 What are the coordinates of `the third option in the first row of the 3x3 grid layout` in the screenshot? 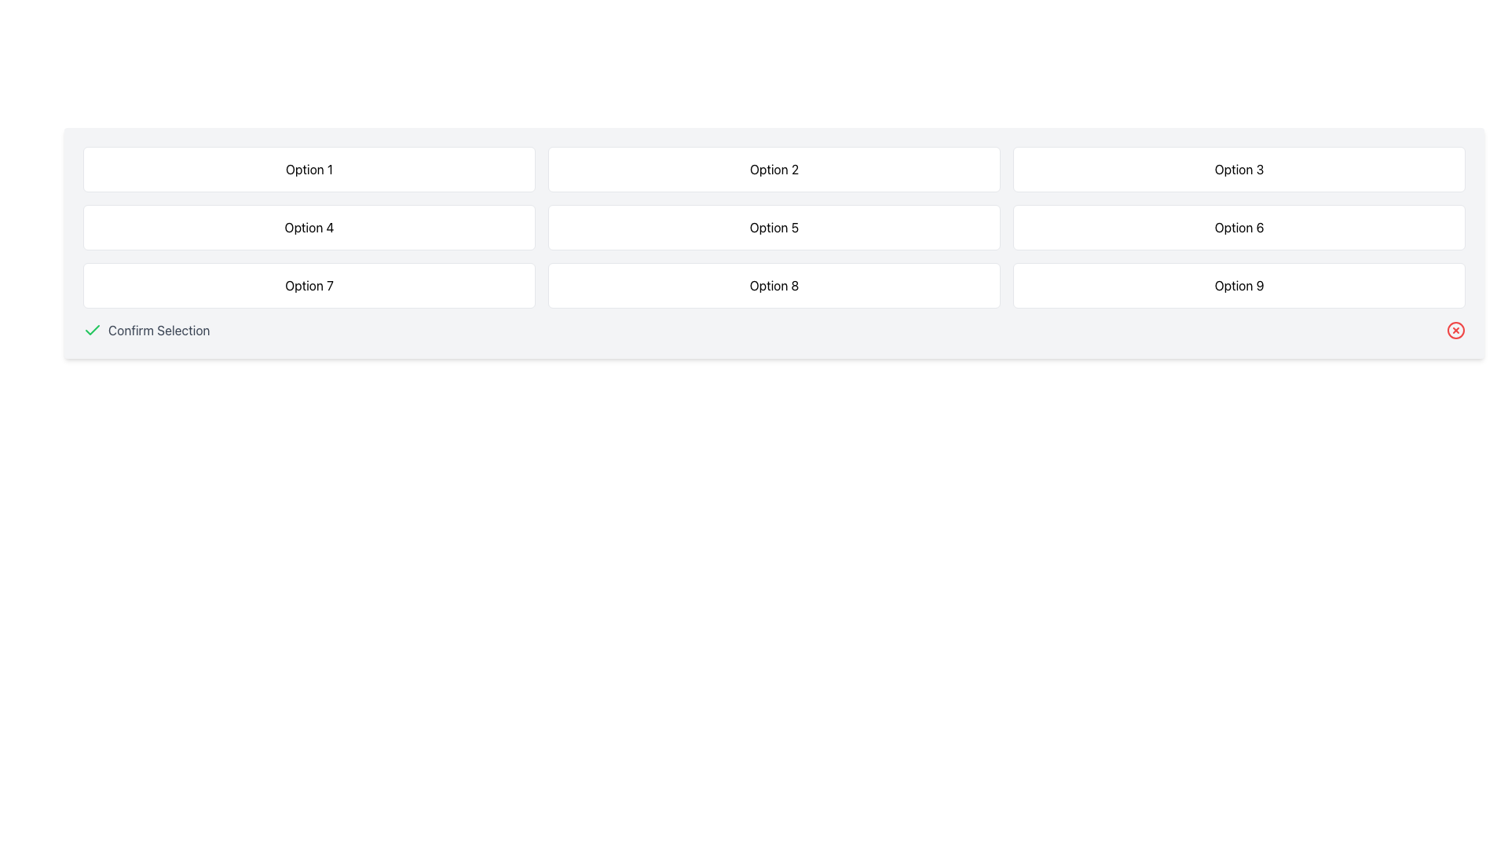 It's located at (1239, 170).